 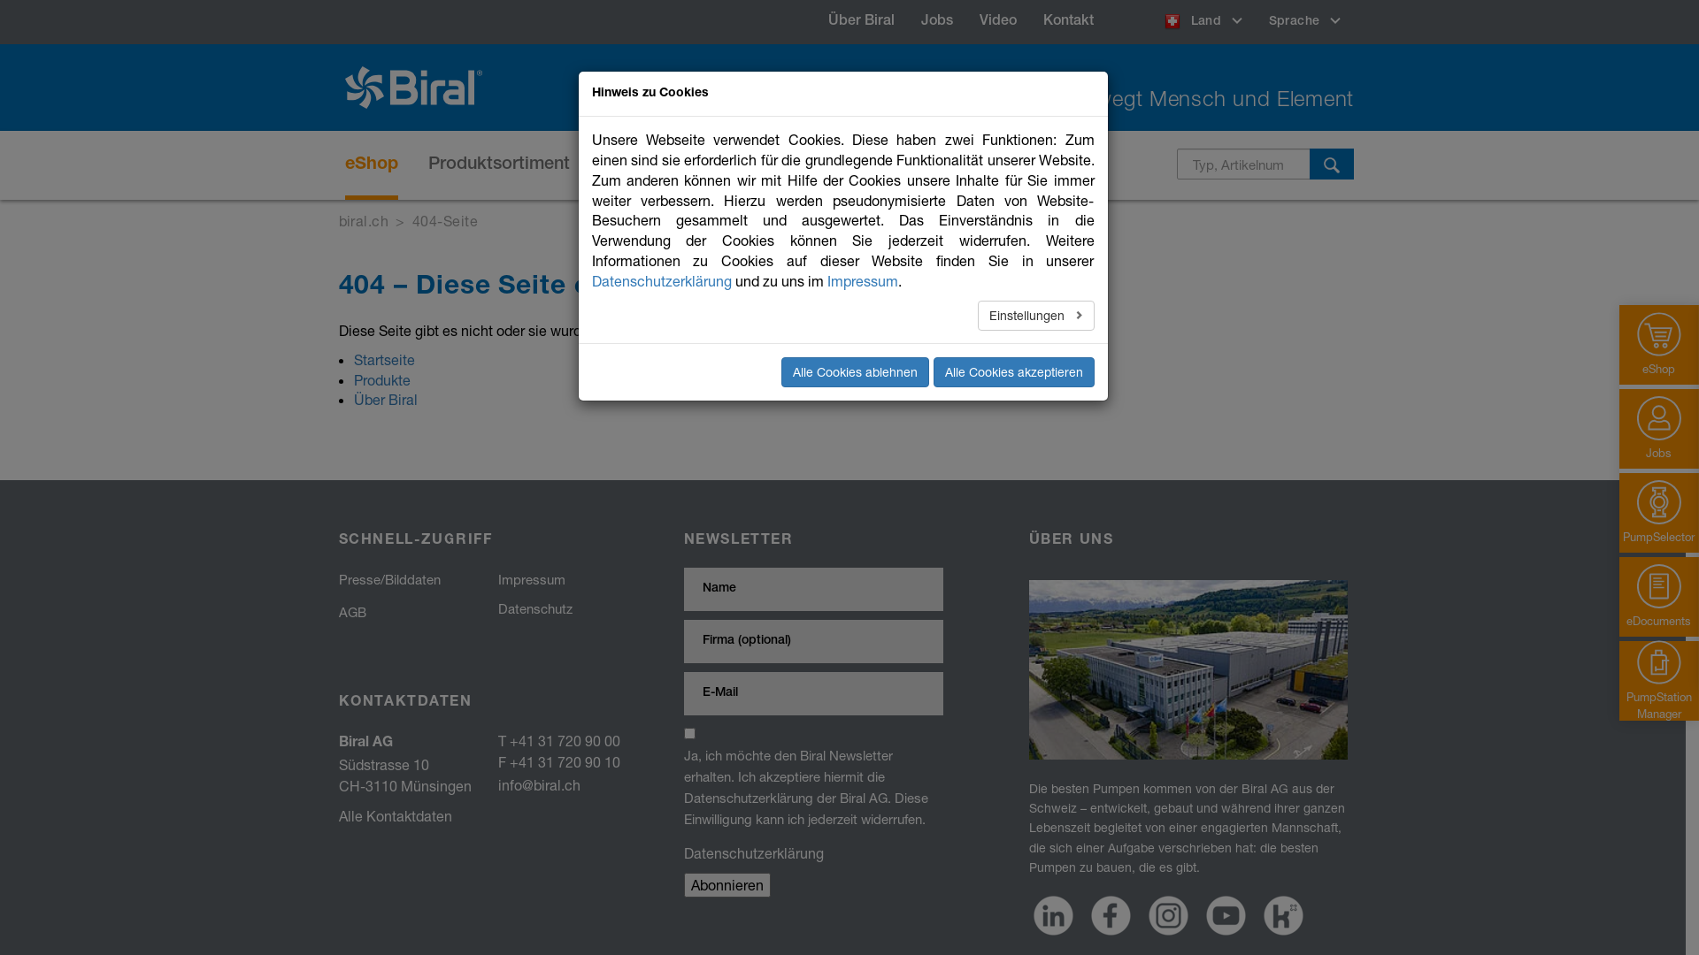 What do you see at coordinates (428, 164) in the screenshot?
I see `'Produktsortiment'` at bounding box center [428, 164].